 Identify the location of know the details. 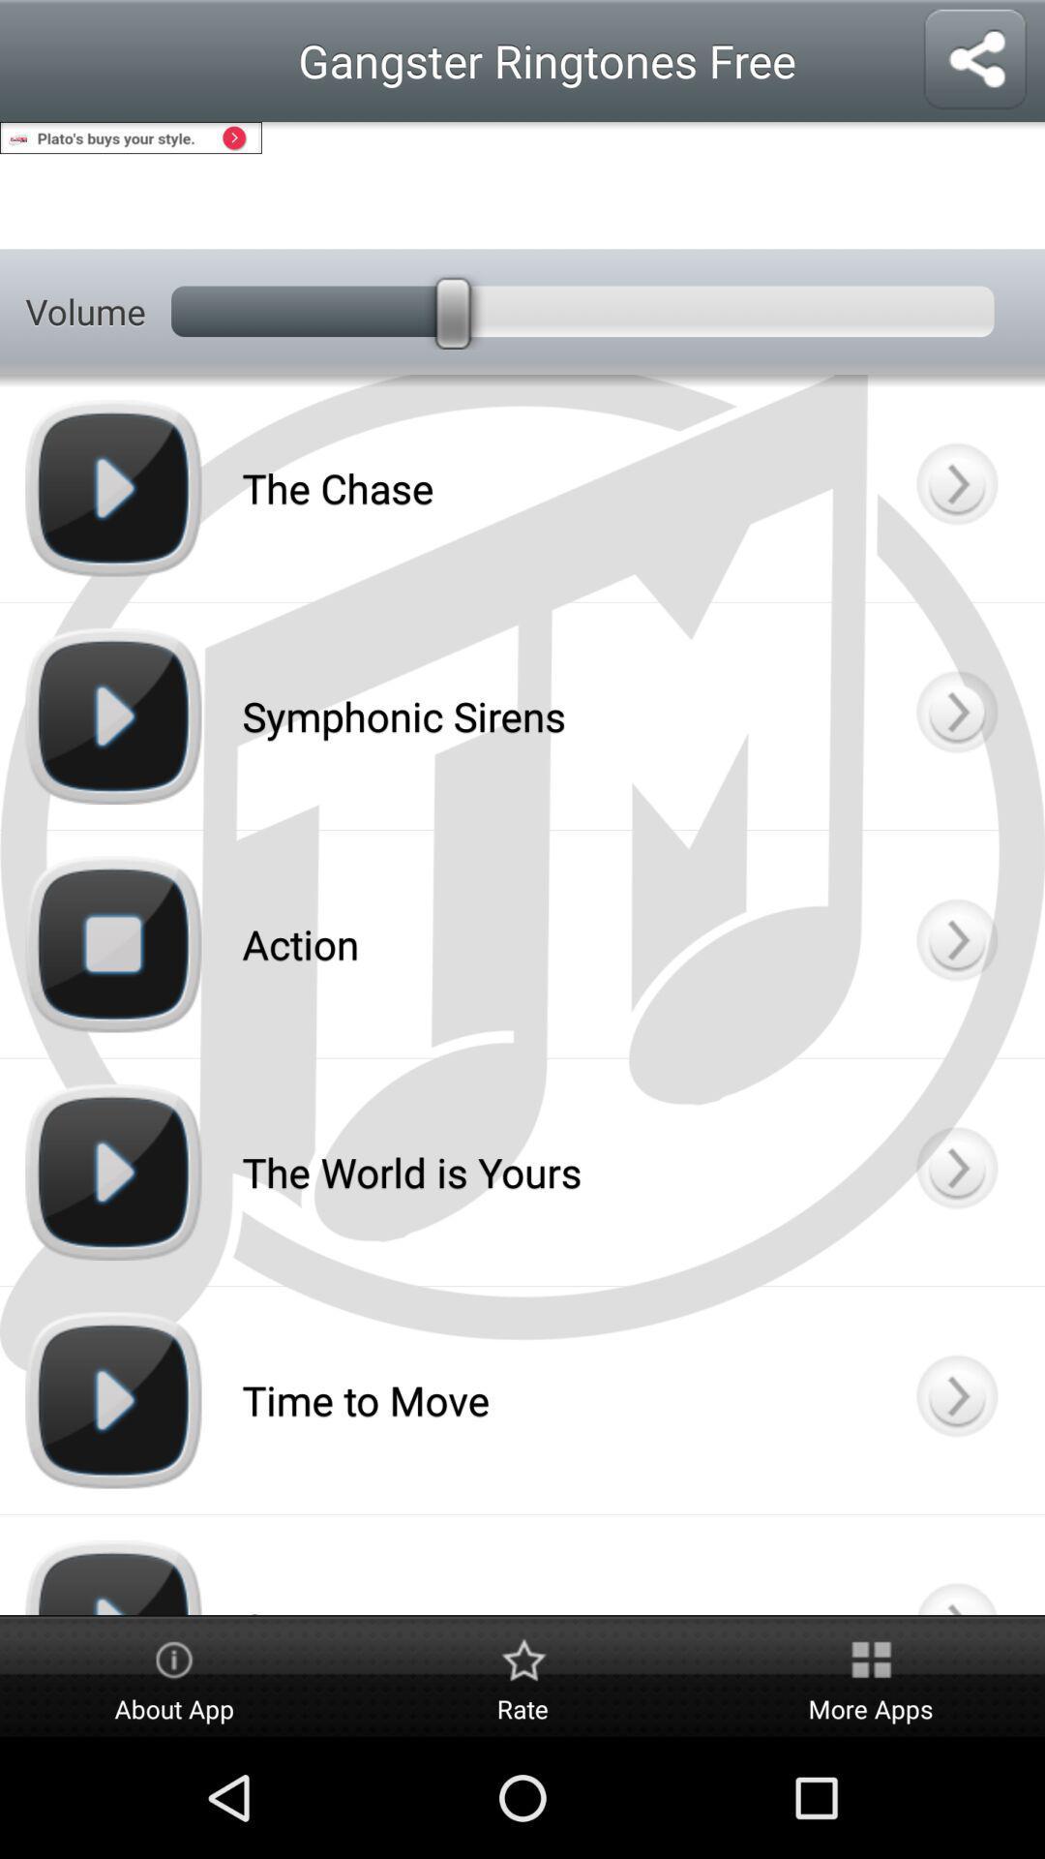
(955, 715).